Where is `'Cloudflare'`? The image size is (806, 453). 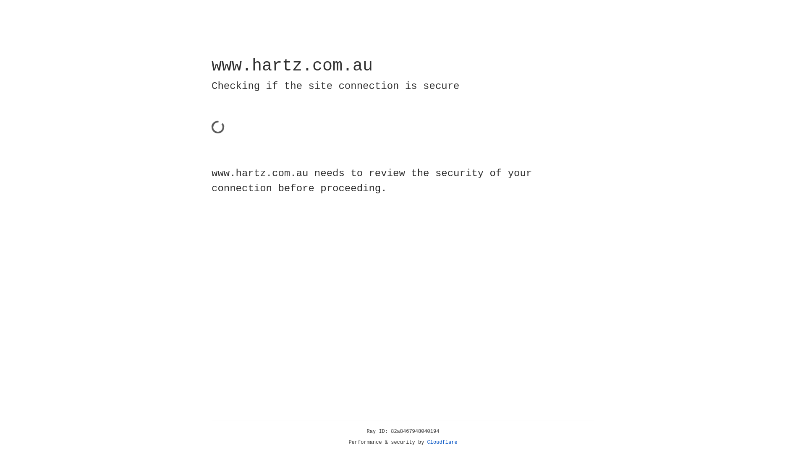
'Cloudflare' is located at coordinates (442, 442).